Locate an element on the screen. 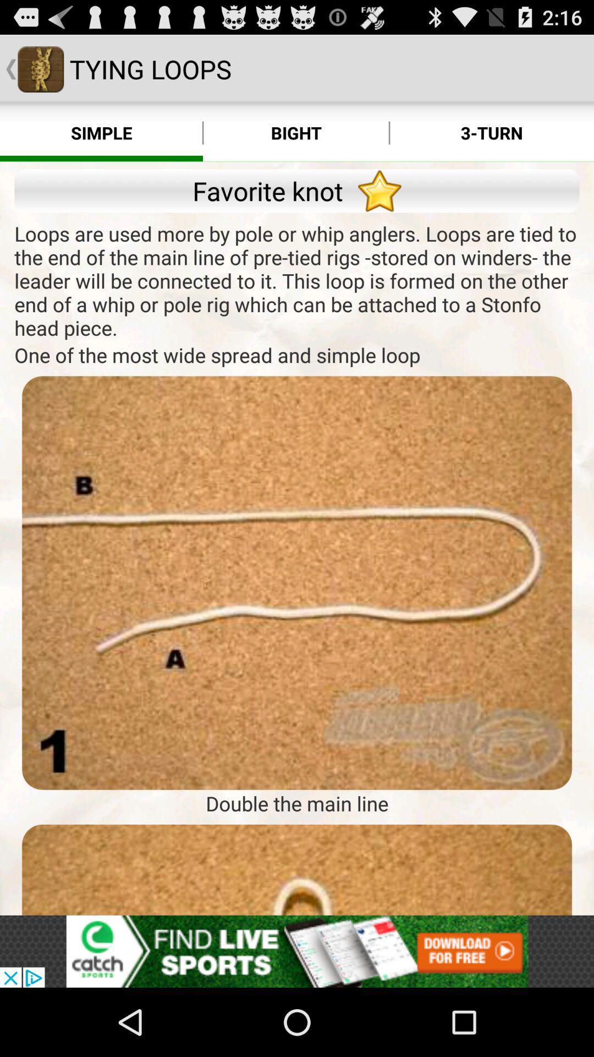 This screenshot has height=1057, width=594. advertisement is located at coordinates (297, 869).